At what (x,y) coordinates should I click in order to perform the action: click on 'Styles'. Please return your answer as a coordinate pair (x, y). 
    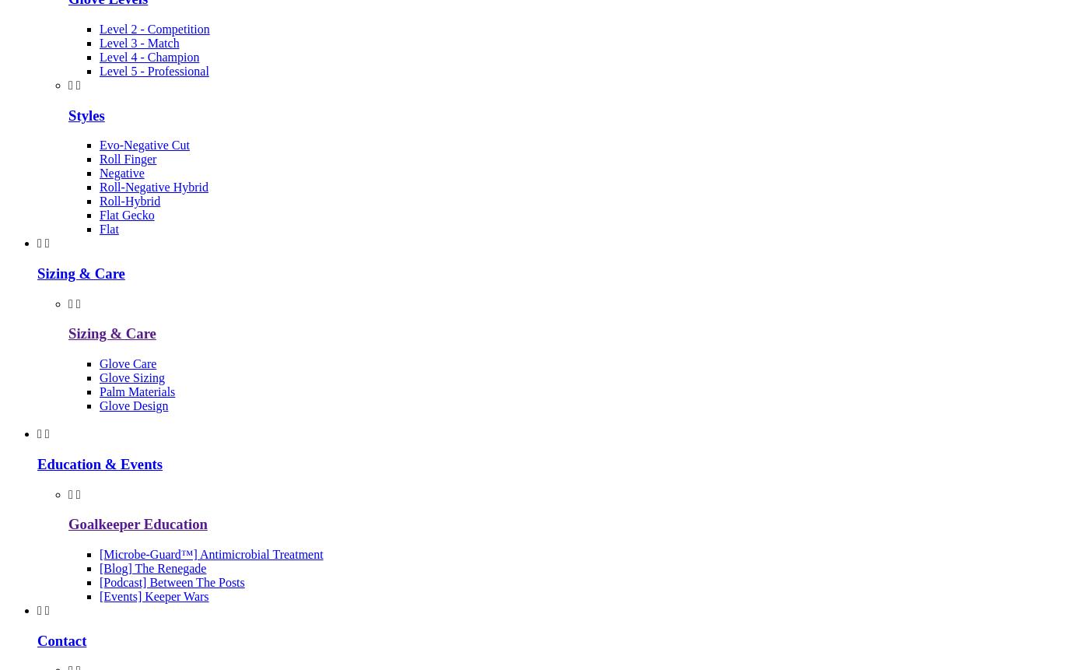
    Looking at the image, I should click on (86, 114).